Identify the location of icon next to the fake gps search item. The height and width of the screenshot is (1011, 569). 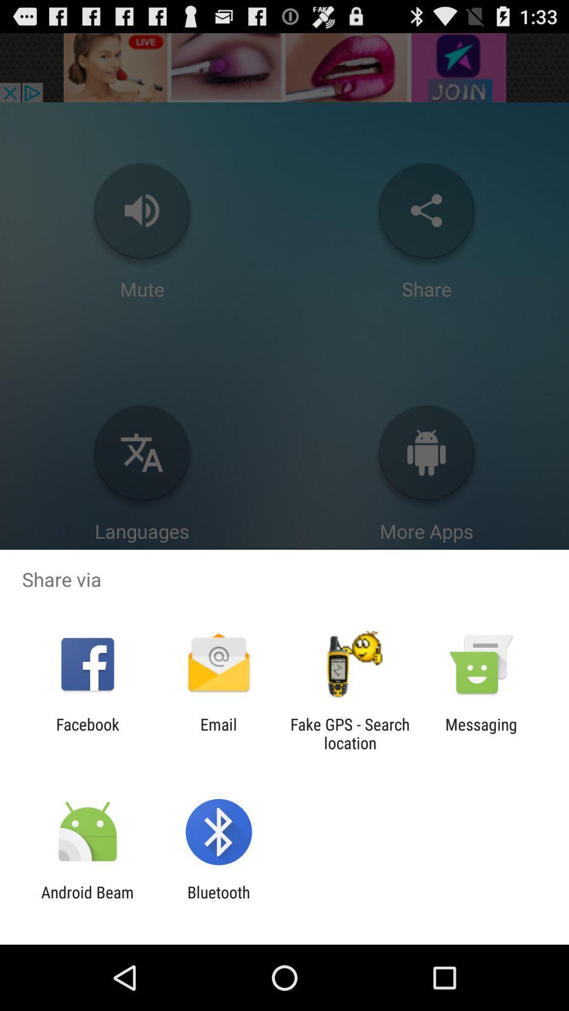
(481, 733).